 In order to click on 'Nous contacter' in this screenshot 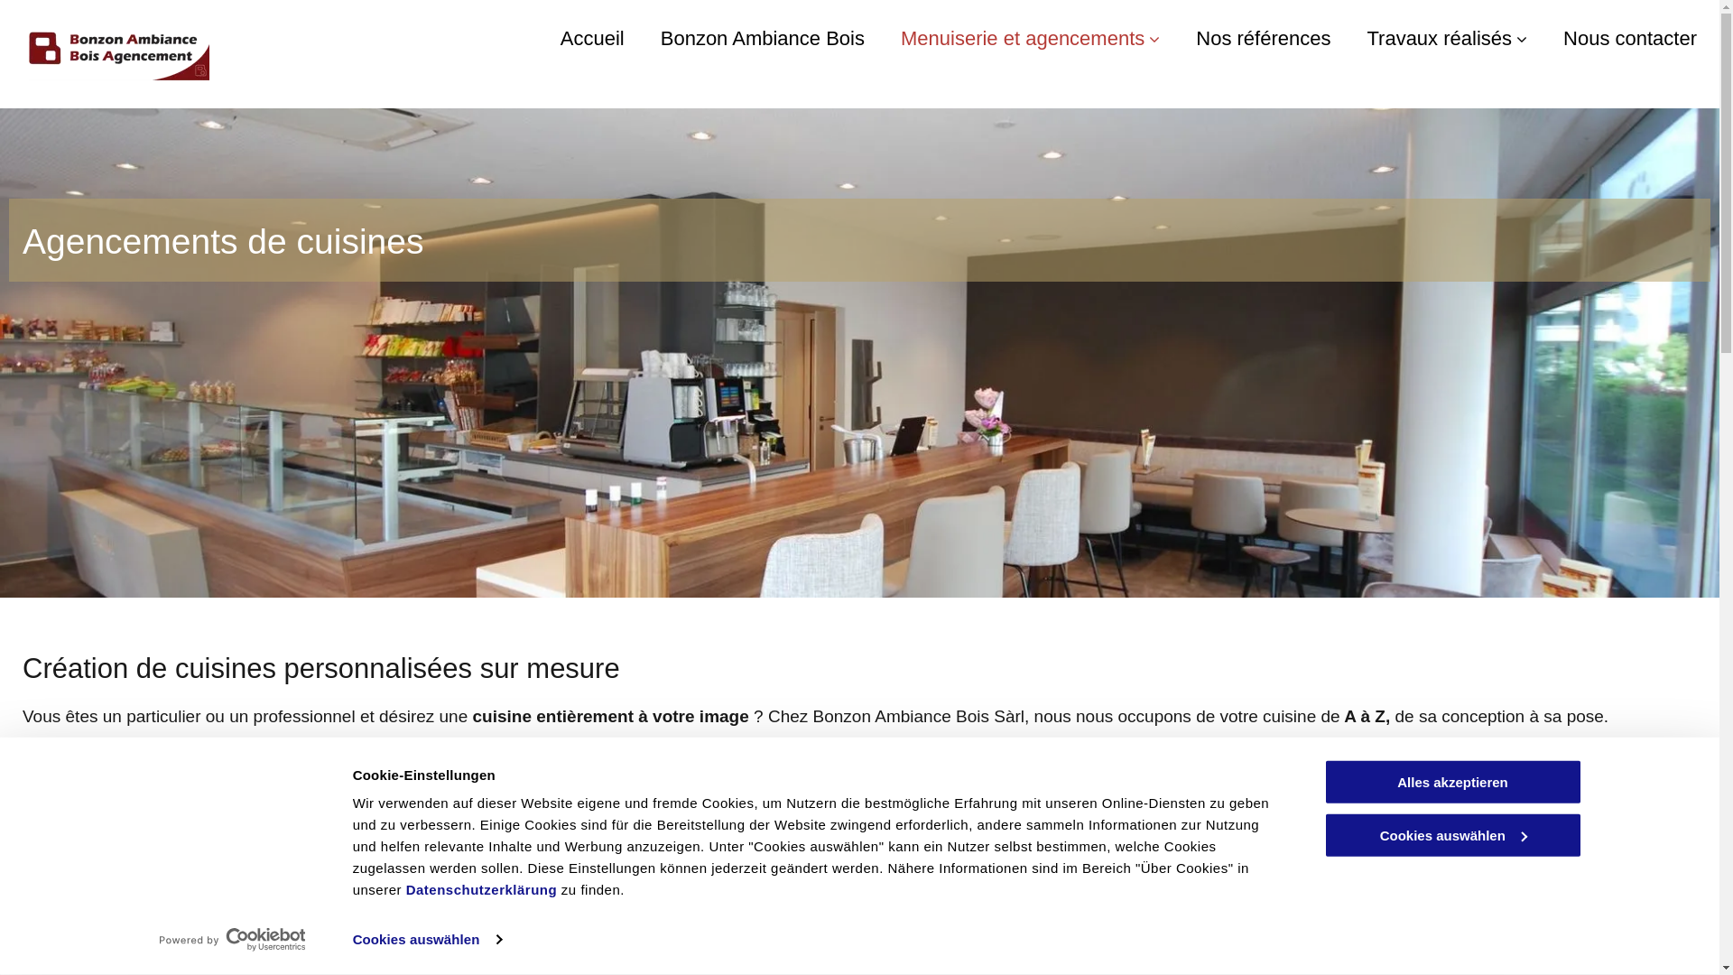, I will do `click(1629, 38)`.